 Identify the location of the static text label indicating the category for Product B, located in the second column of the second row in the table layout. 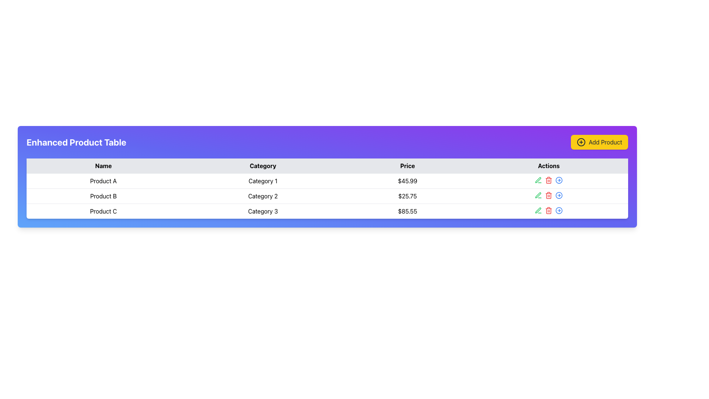
(263, 196).